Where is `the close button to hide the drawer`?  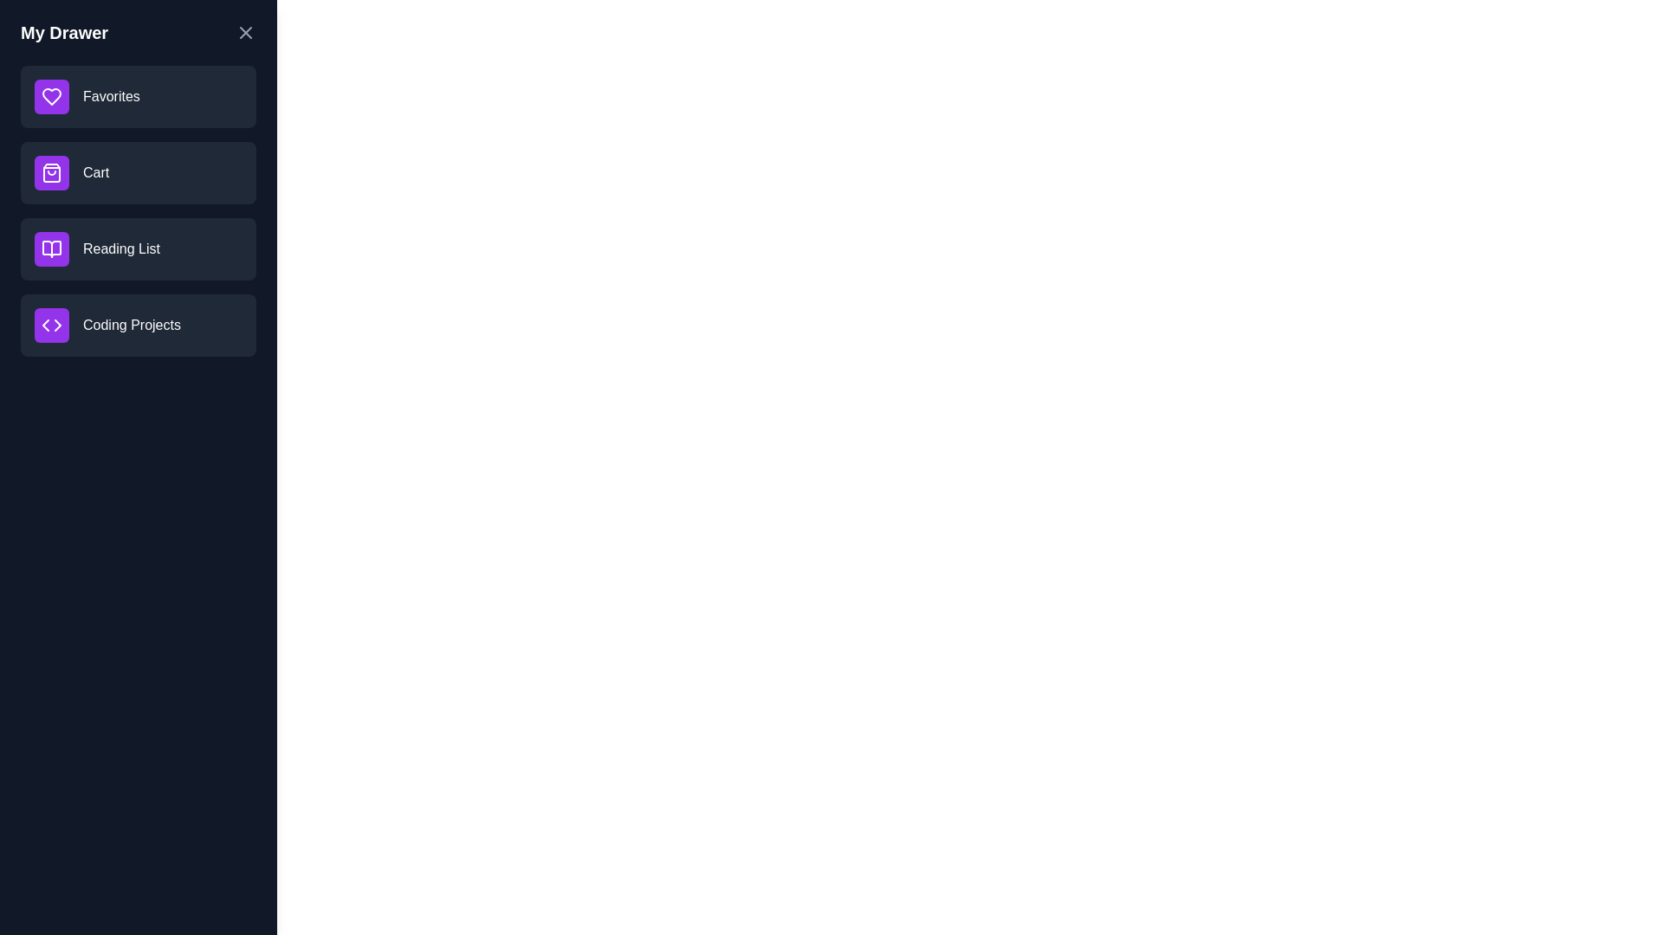
the close button to hide the drawer is located at coordinates (244, 33).